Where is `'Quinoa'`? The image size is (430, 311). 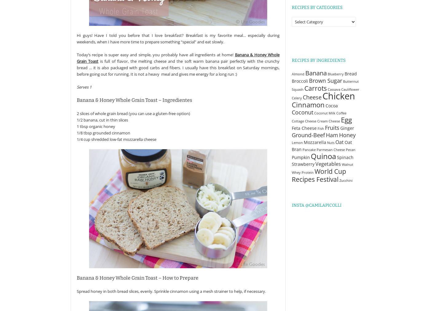
'Quinoa' is located at coordinates (323, 156).